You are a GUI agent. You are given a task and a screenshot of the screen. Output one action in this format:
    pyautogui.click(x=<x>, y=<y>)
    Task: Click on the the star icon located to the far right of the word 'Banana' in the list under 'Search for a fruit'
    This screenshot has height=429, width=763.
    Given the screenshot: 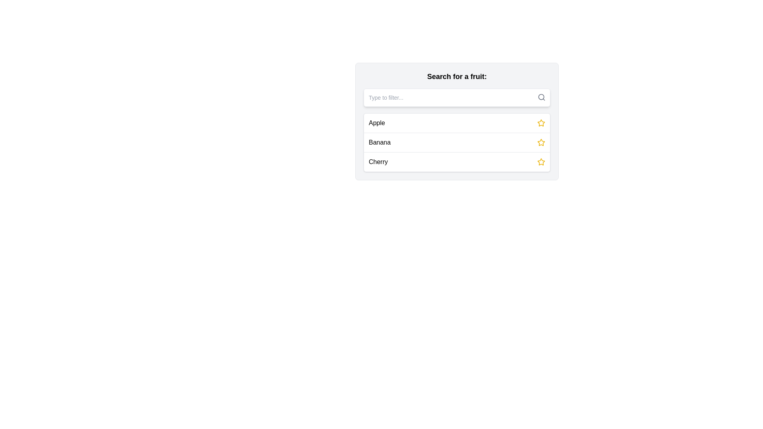 What is the action you would take?
    pyautogui.click(x=541, y=142)
    